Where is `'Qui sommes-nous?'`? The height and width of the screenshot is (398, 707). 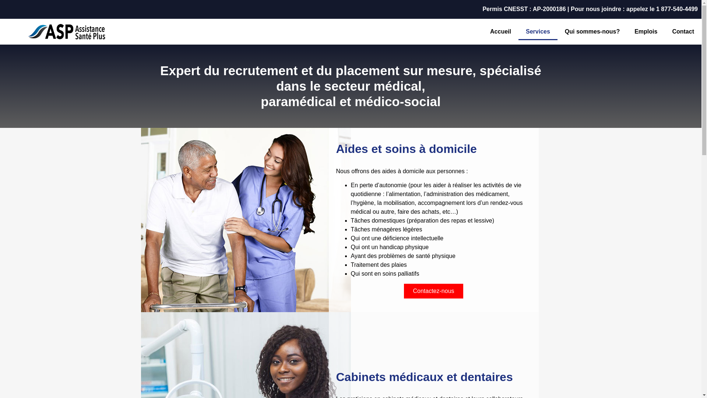
'Qui sommes-nous?' is located at coordinates (592, 31).